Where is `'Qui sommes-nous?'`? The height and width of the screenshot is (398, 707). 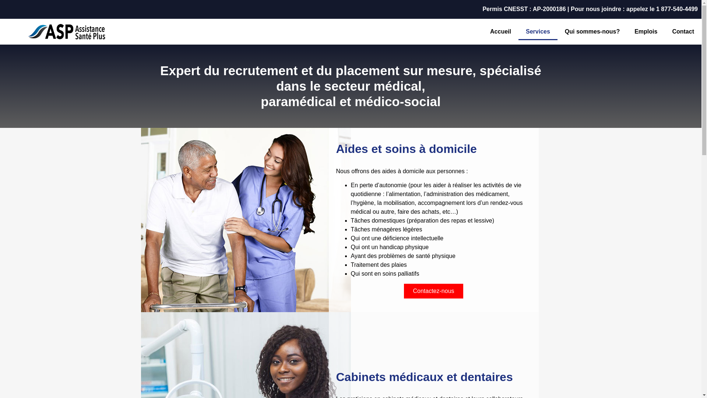
'Qui sommes-nous?' is located at coordinates (592, 31).